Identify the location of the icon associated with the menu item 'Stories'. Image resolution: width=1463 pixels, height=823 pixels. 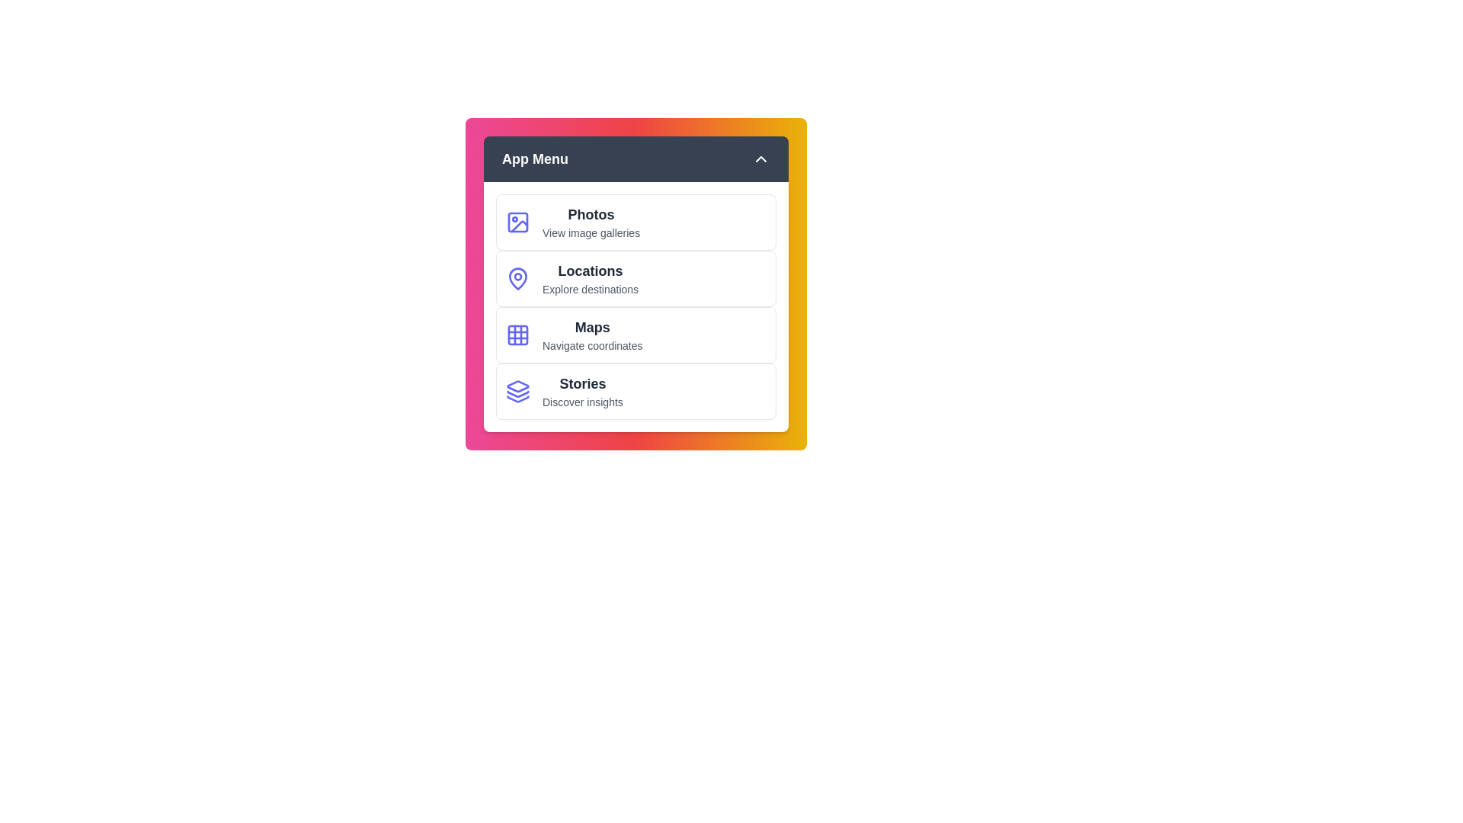
(518, 390).